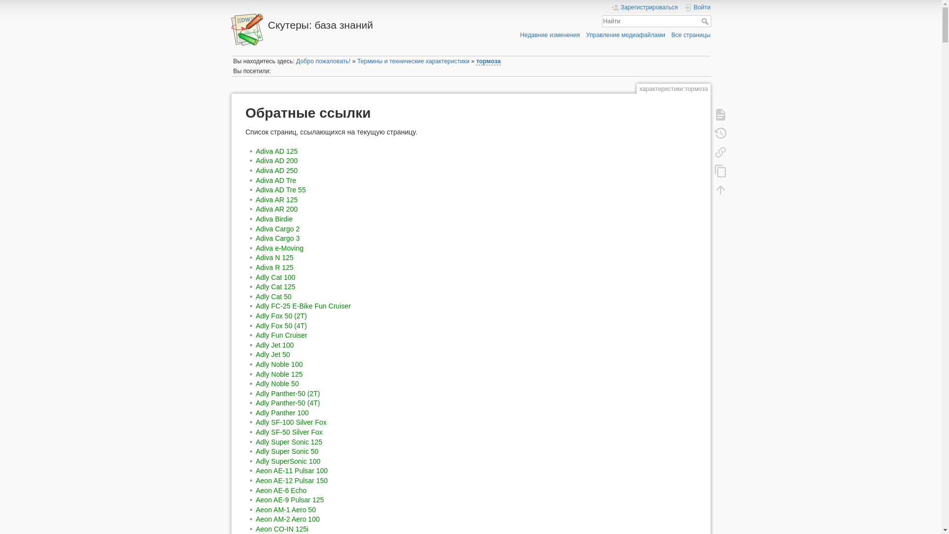  What do you see at coordinates (281, 326) in the screenshot?
I see `'Adly Fox 50 (4T)'` at bounding box center [281, 326].